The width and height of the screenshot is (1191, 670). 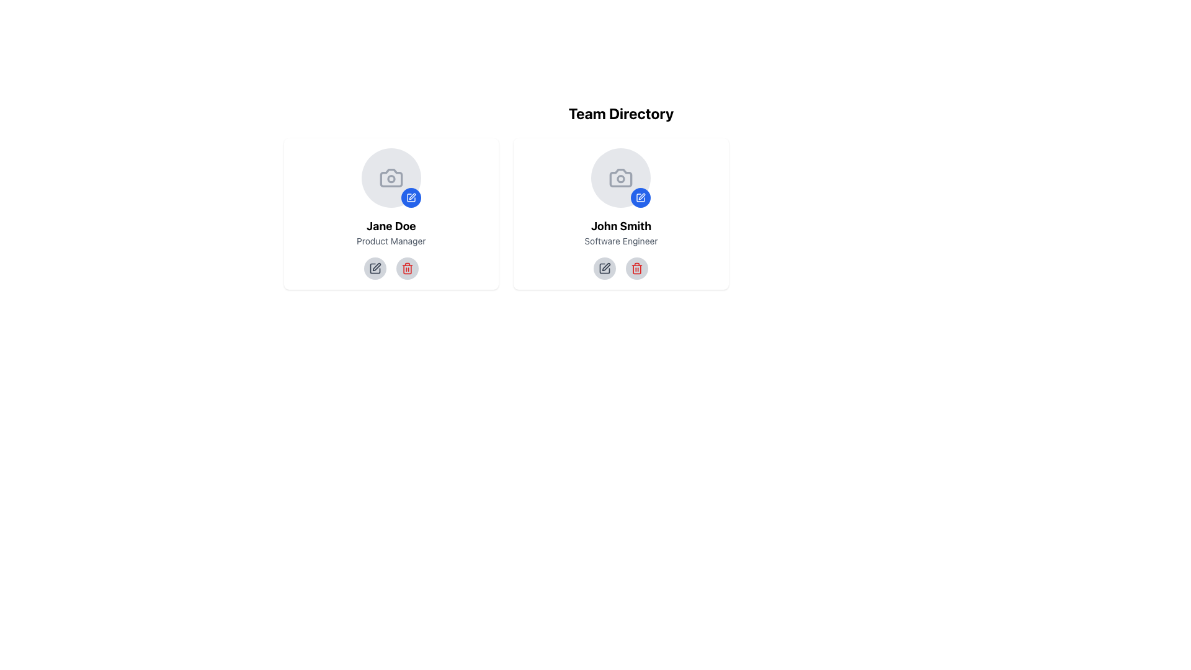 What do you see at coordinates (637, 267) in the screenshot?
I see `the delete icon button located at the bottom-right of John Smith's profile card` at bounding box center [637, 267].